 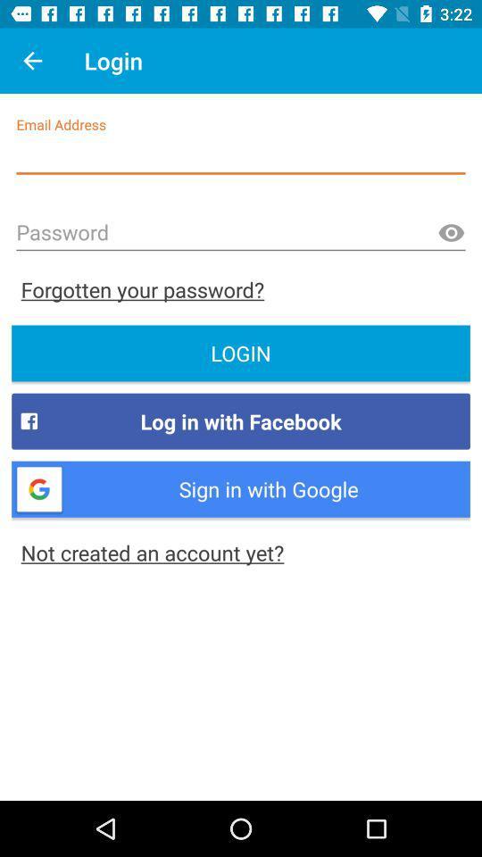 What do you see at coordinates (241, 232) in the screenshot?
I see `password textbox` at bounding box center [241, 232].